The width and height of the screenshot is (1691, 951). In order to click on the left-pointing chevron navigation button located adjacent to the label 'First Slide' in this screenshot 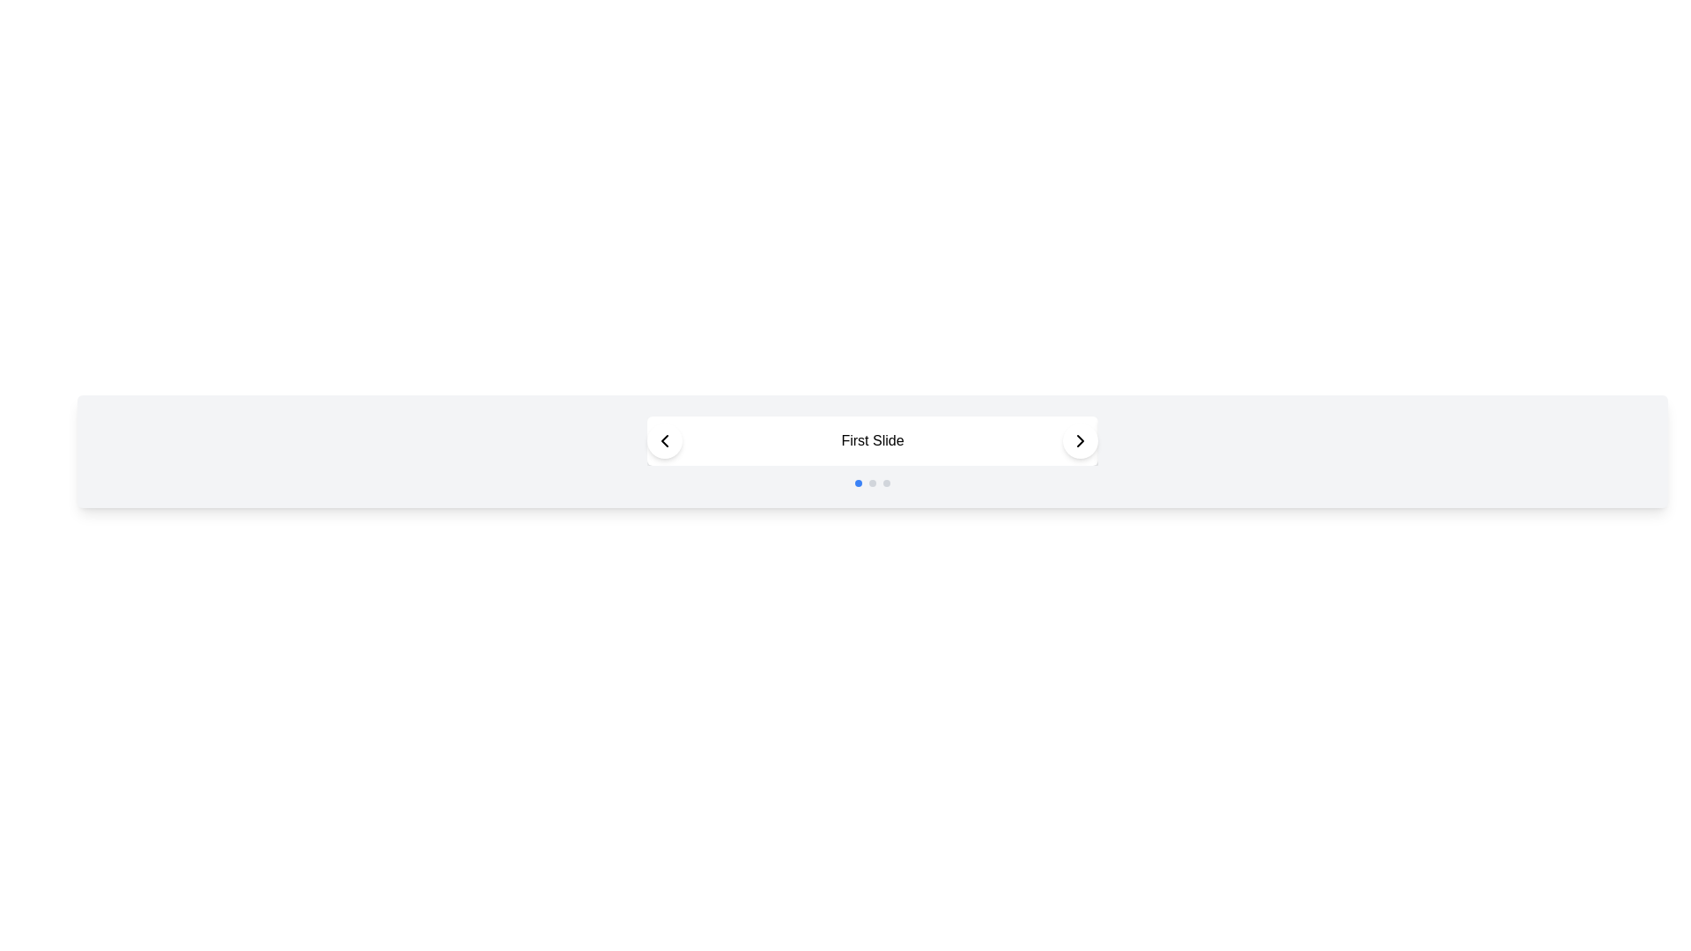, I will do `click(663, 440)`.